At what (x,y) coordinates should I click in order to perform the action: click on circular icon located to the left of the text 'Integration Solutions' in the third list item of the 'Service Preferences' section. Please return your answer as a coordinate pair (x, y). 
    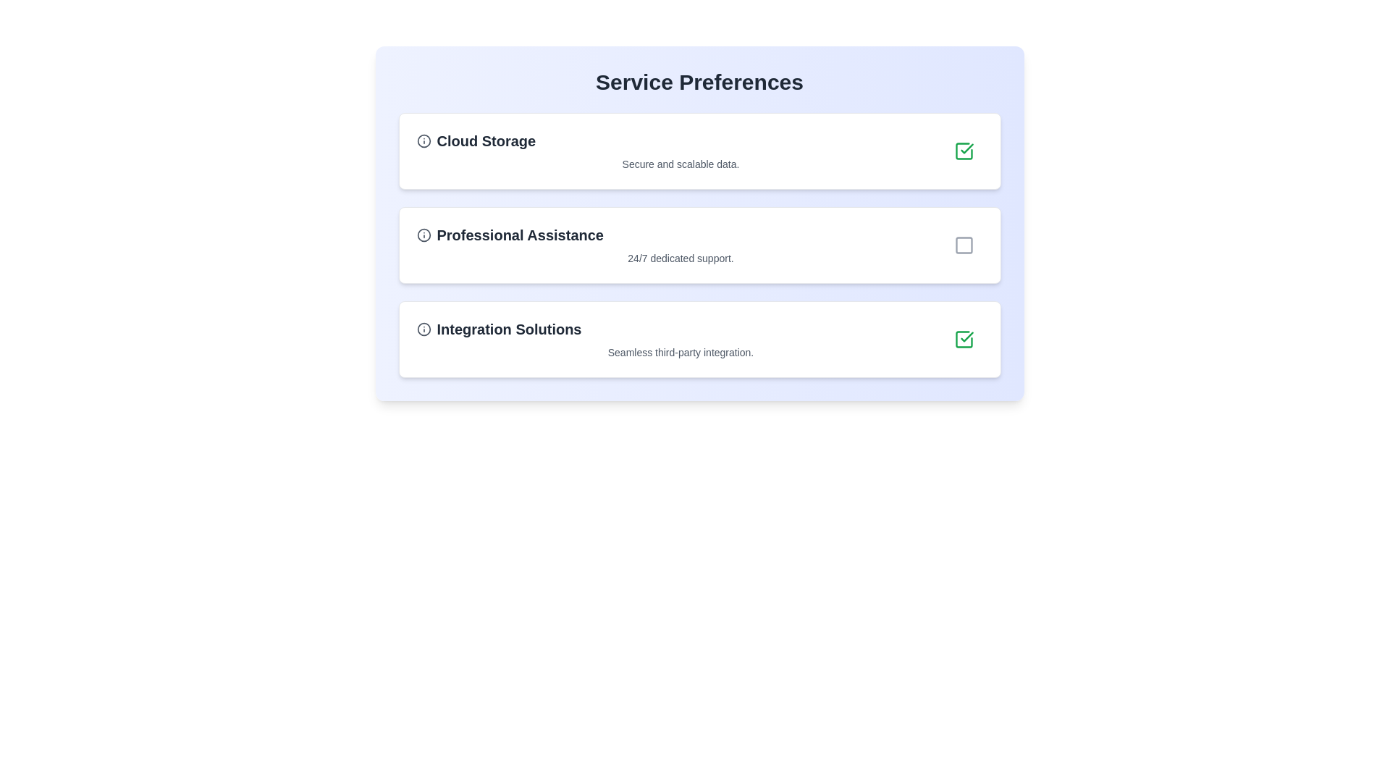
    Looking at the image, I should click on (423, 329).